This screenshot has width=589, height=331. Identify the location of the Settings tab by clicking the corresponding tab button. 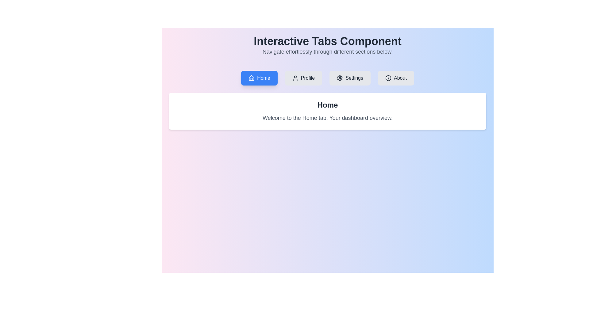
(350, 78).